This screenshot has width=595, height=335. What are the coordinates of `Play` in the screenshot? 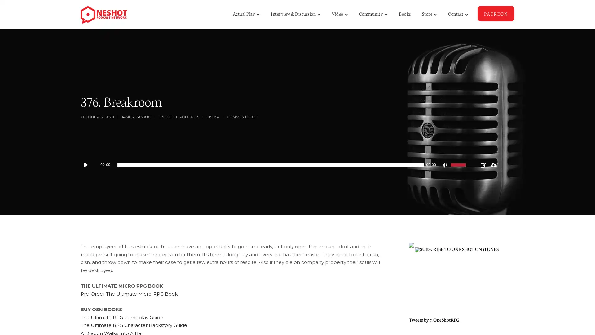 It's located at (88, 165).